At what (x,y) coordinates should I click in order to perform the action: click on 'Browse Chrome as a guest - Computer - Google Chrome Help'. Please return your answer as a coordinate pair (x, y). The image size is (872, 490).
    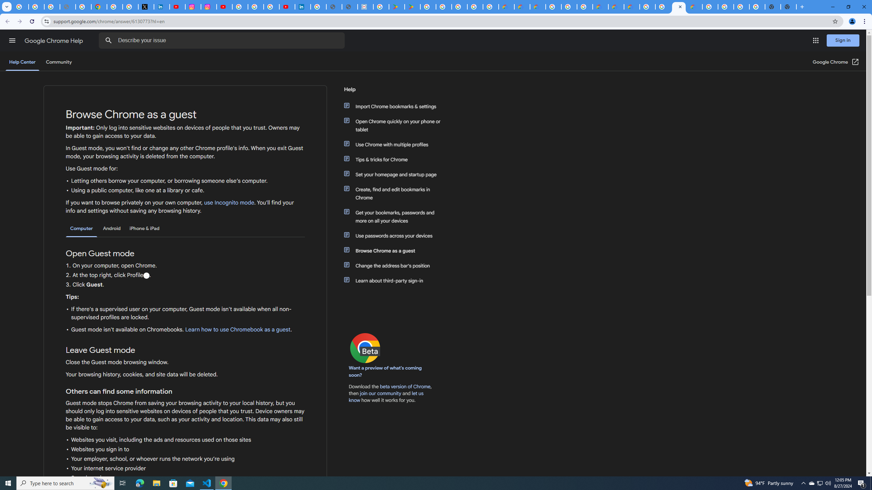
    Looking at the image, I should click on (663, 6).